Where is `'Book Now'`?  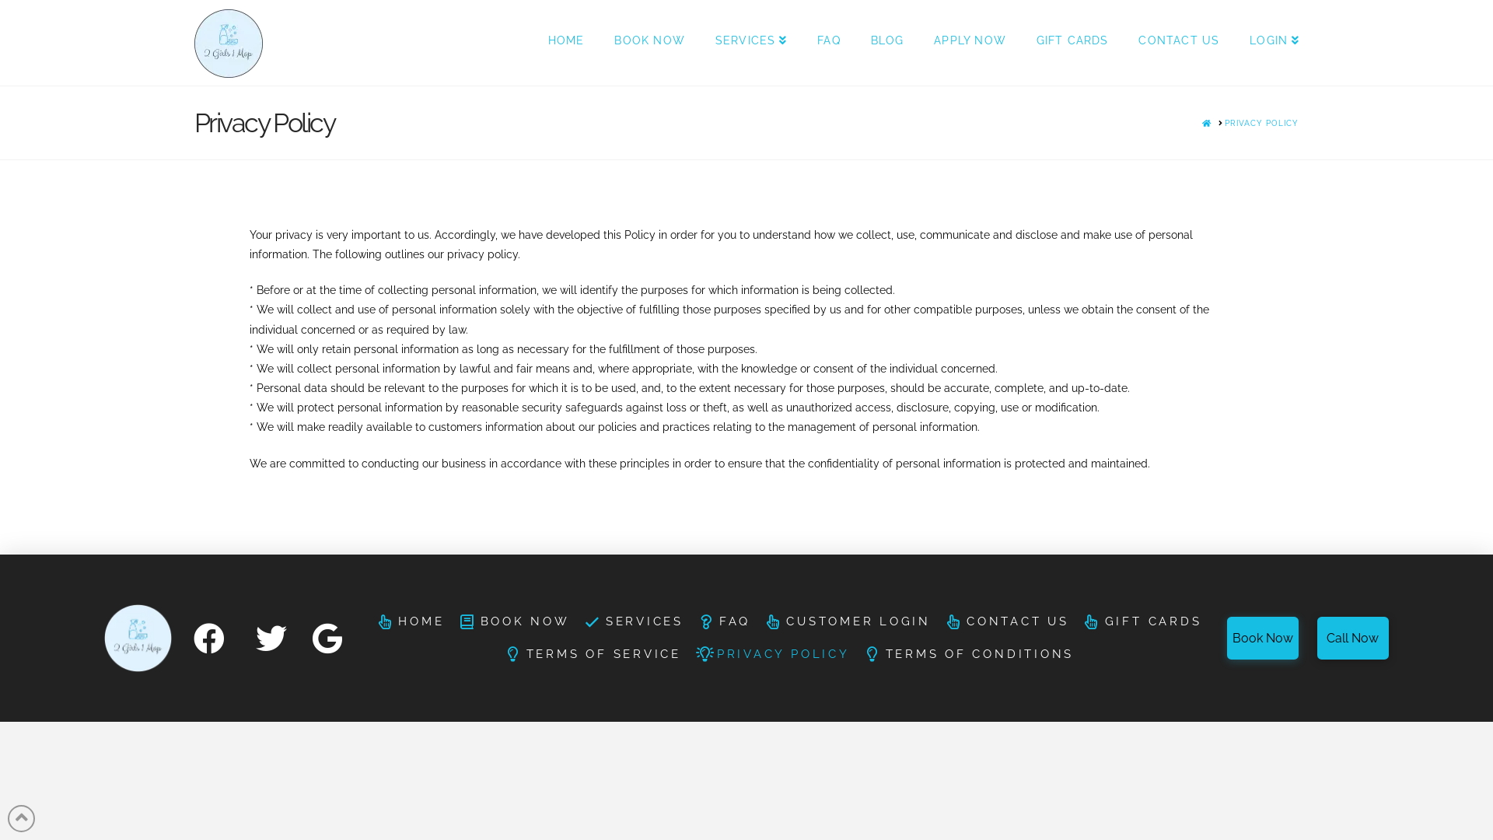
'Book Now' is located at coordinates (1262, 638).